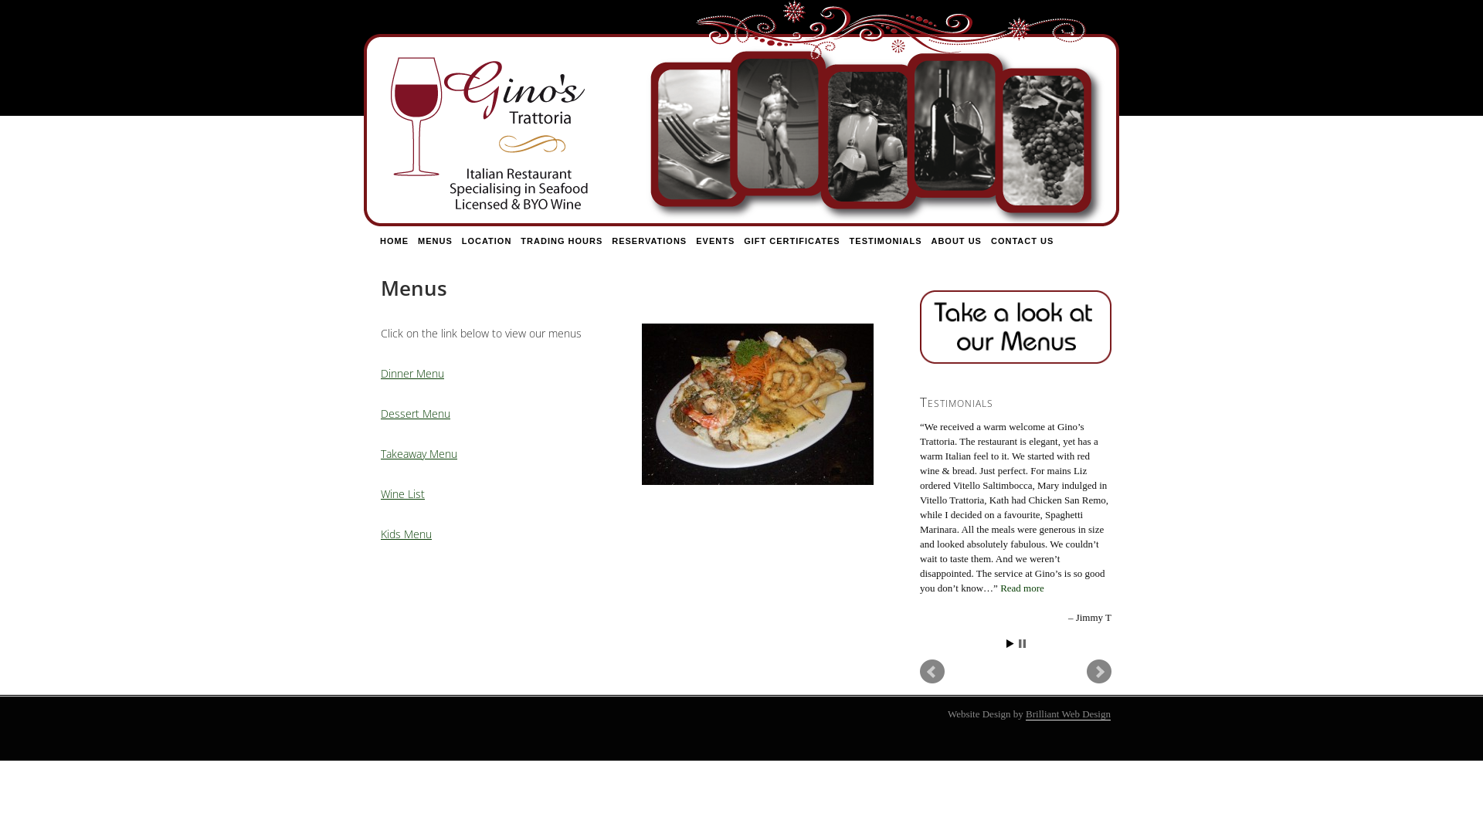 Image resolution: width=1483 pixels, height=834 pixels. Describe the element at coordinates (486, 241) in the screenshot. I see `'LOCATION'` at that location.